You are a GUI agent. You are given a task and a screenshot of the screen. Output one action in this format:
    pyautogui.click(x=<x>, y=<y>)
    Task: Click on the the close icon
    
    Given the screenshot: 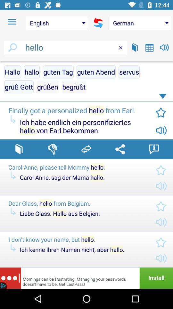 What is the action you would take?
    pyautogui.click(x=120, y=47)
    